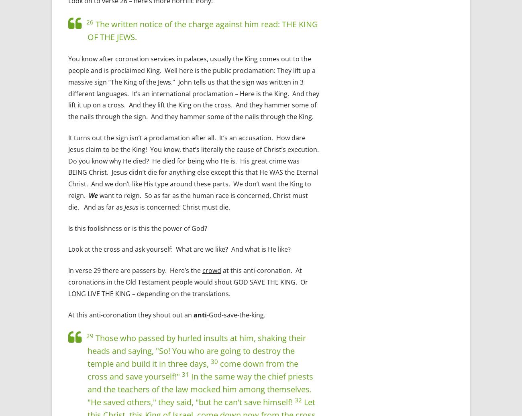  I want to click on '31', so click(181, 374).